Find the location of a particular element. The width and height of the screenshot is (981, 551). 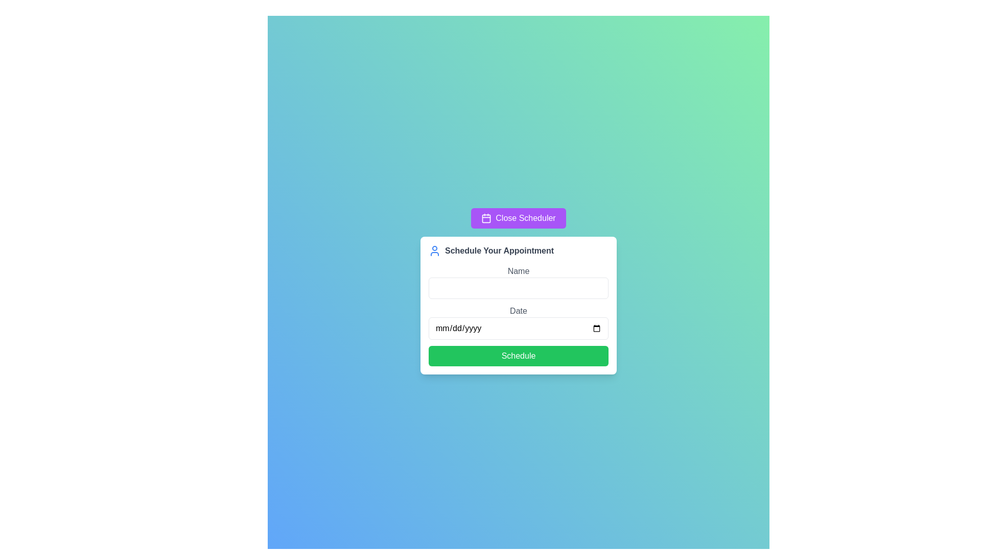

the green button labeled 'Schedule' at the bottom of the form in the modal interface to observe the hover effect is located at coordinates (518, 356).